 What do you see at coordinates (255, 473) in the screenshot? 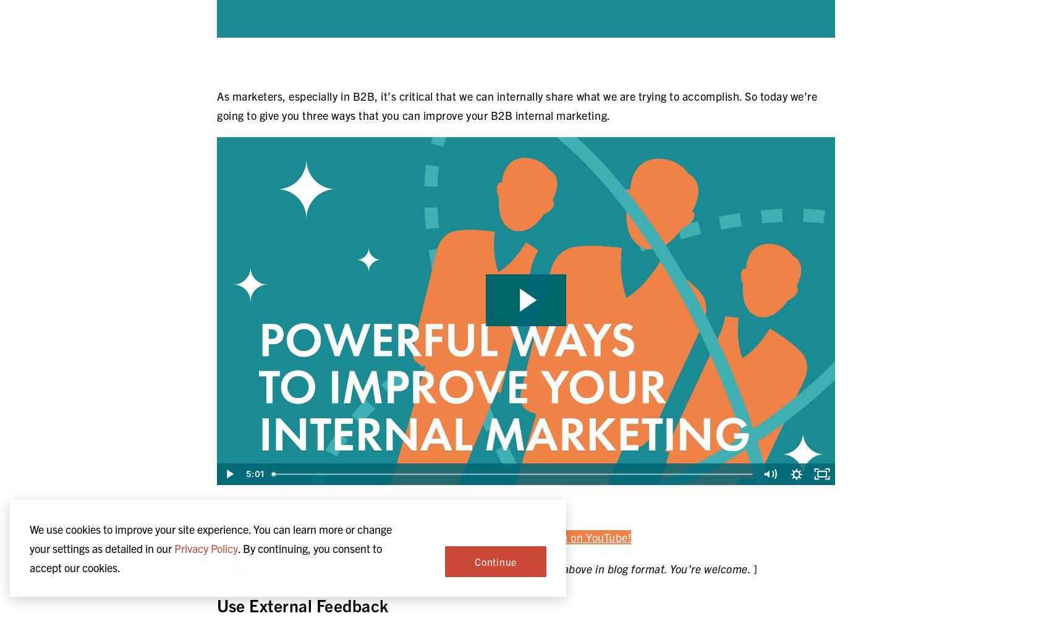
I see `'5:01'` at bounding box center [255, 473].